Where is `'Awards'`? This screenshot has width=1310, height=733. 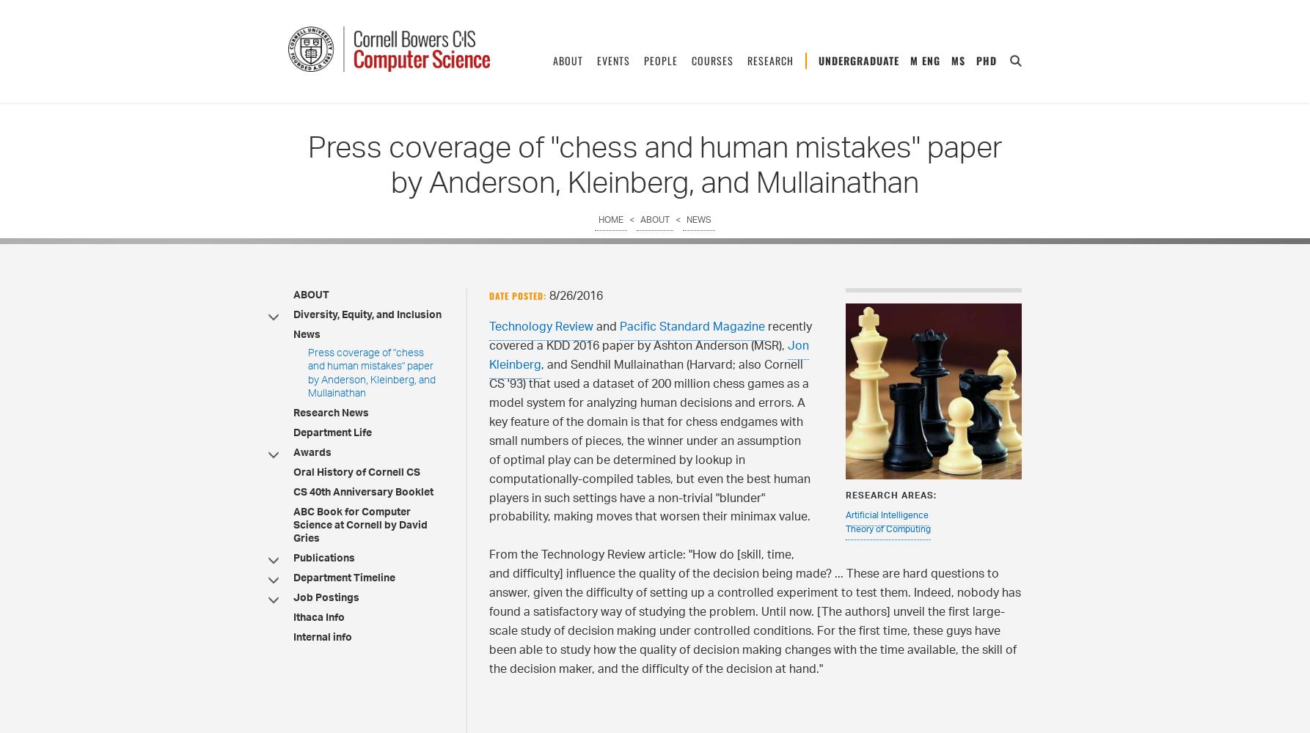 'Awards' is located at coordinates (312, 453).